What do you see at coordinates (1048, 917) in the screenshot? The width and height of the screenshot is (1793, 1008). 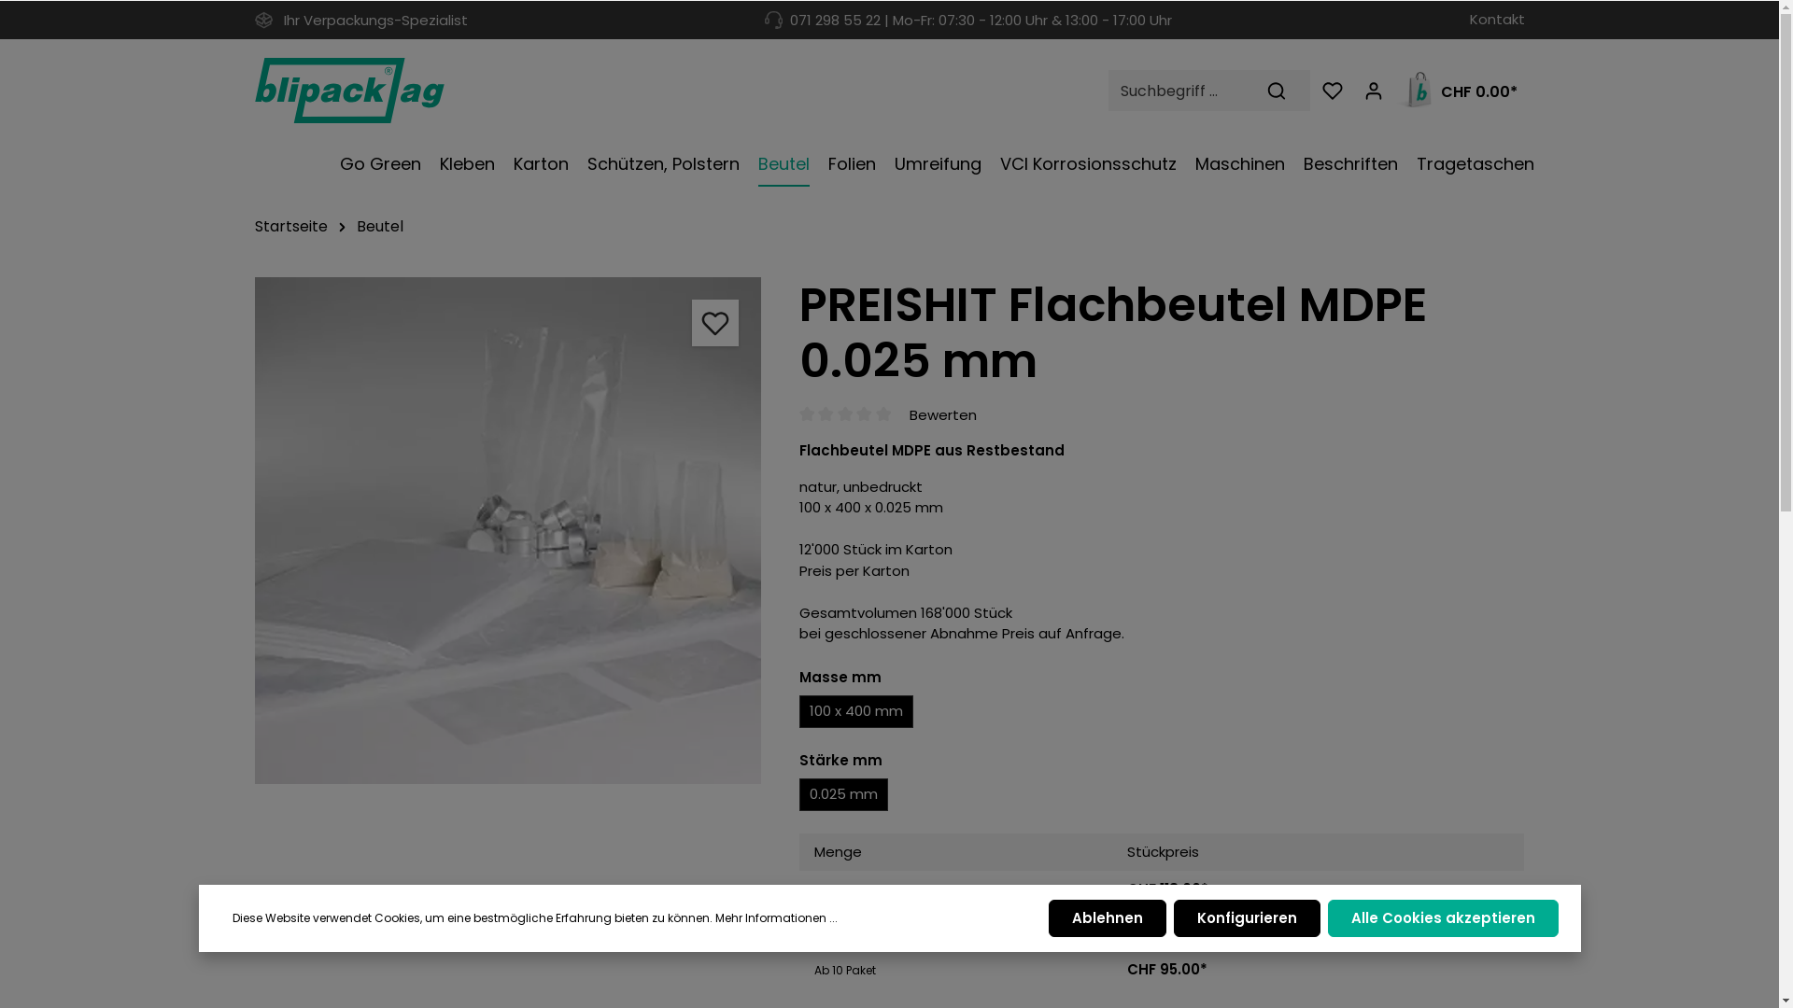 I see `'Ablehnen'` at bounding box center [1048, 917].